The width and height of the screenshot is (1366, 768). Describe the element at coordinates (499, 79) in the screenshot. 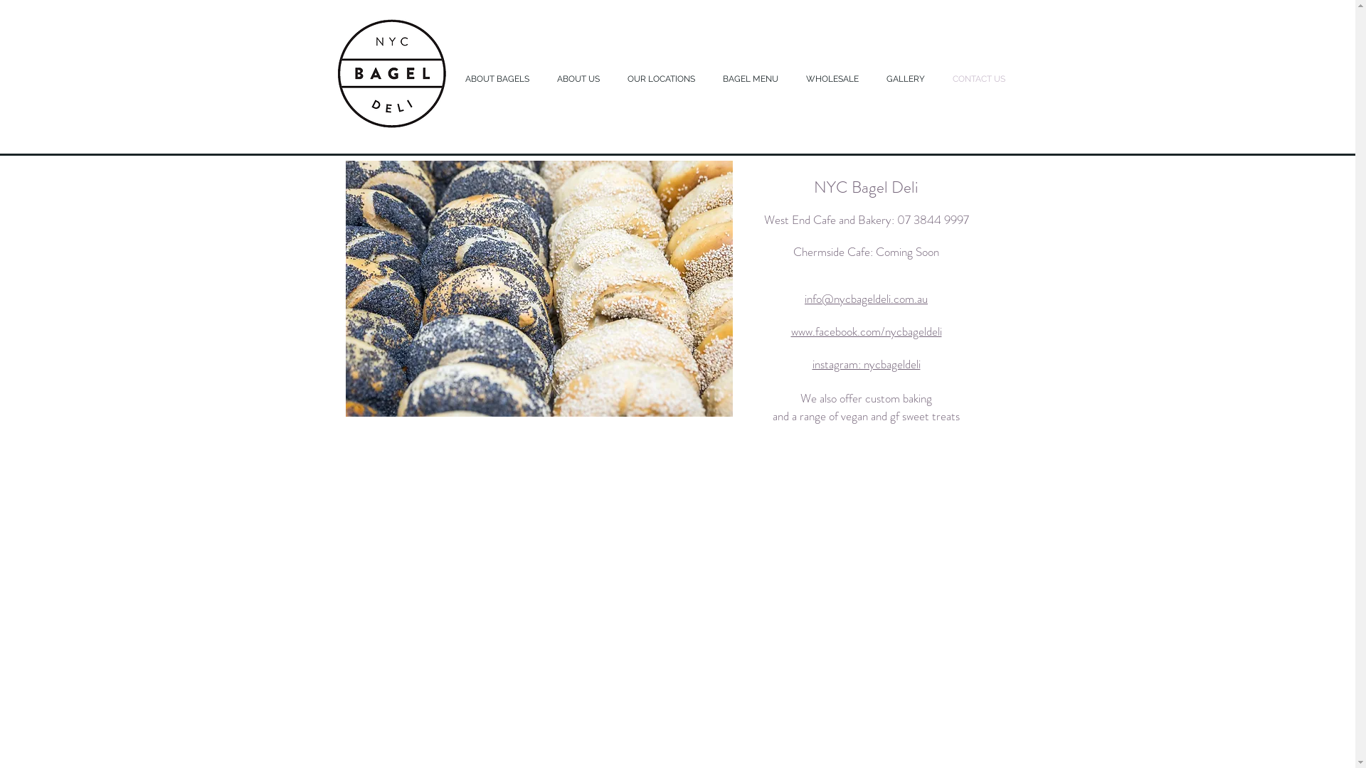

I see `'ABOUT BAGELS'` at that location.